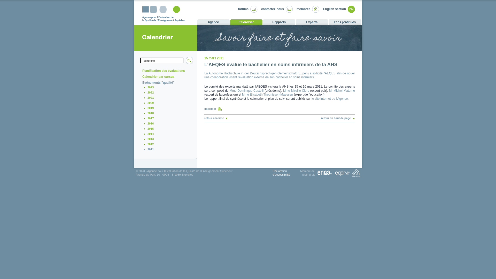 The height and width of the screenshot is (279, 496). I want to click on '2022', so click(150, 92).